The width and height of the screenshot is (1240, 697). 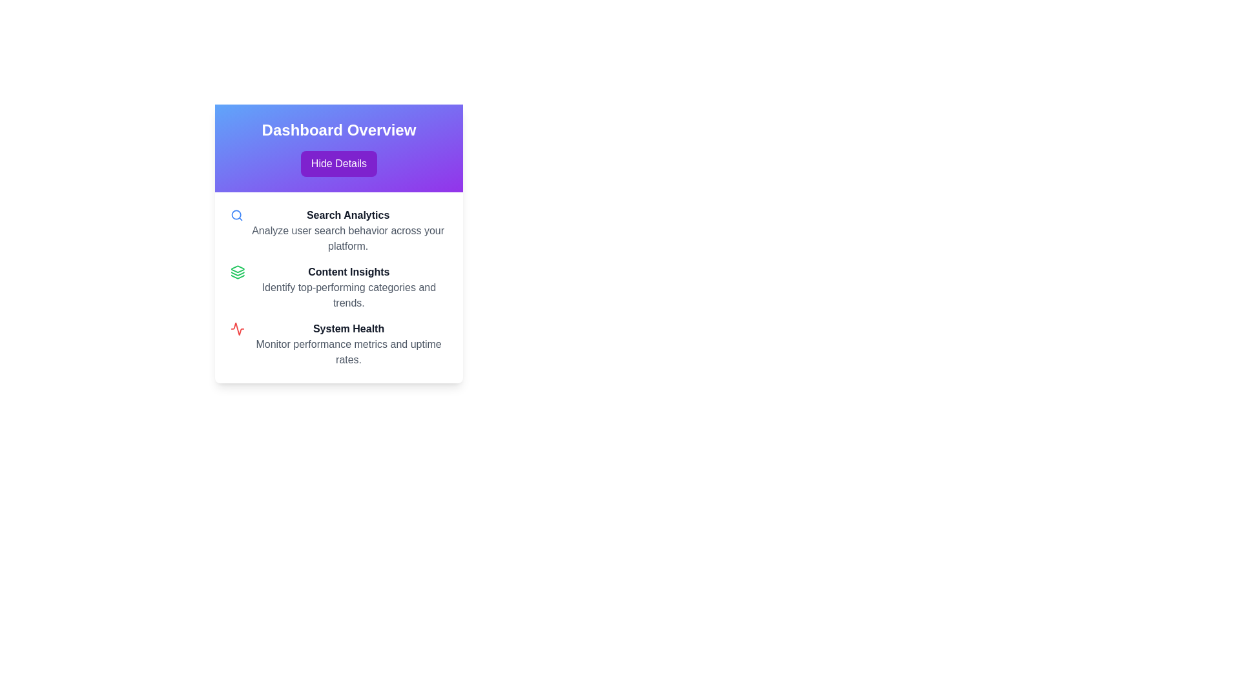 I want to click on the informational block that provides details about the 'Search Analytics' feature, located directly underneath the 'Hide Details' button, so click(x=338, y=230).